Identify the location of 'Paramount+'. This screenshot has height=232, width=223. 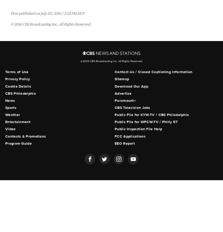
(125, 100).